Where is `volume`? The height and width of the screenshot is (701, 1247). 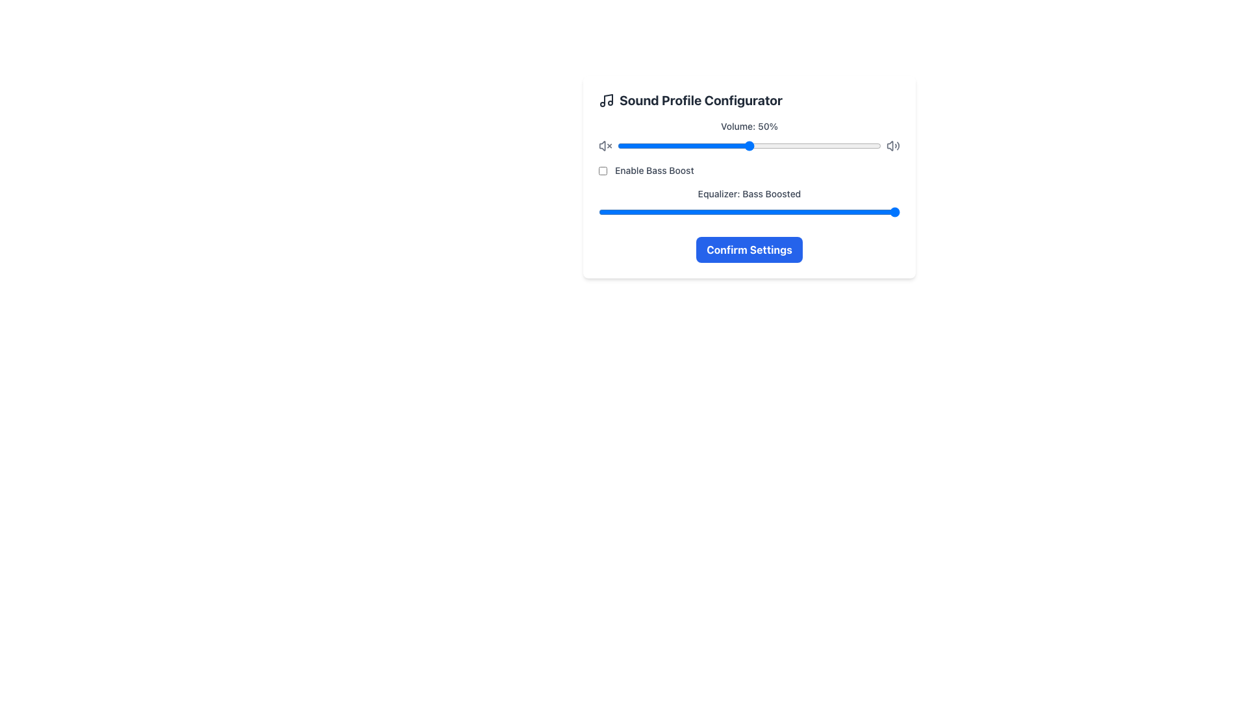 volume is located at coordinates (707, 145).